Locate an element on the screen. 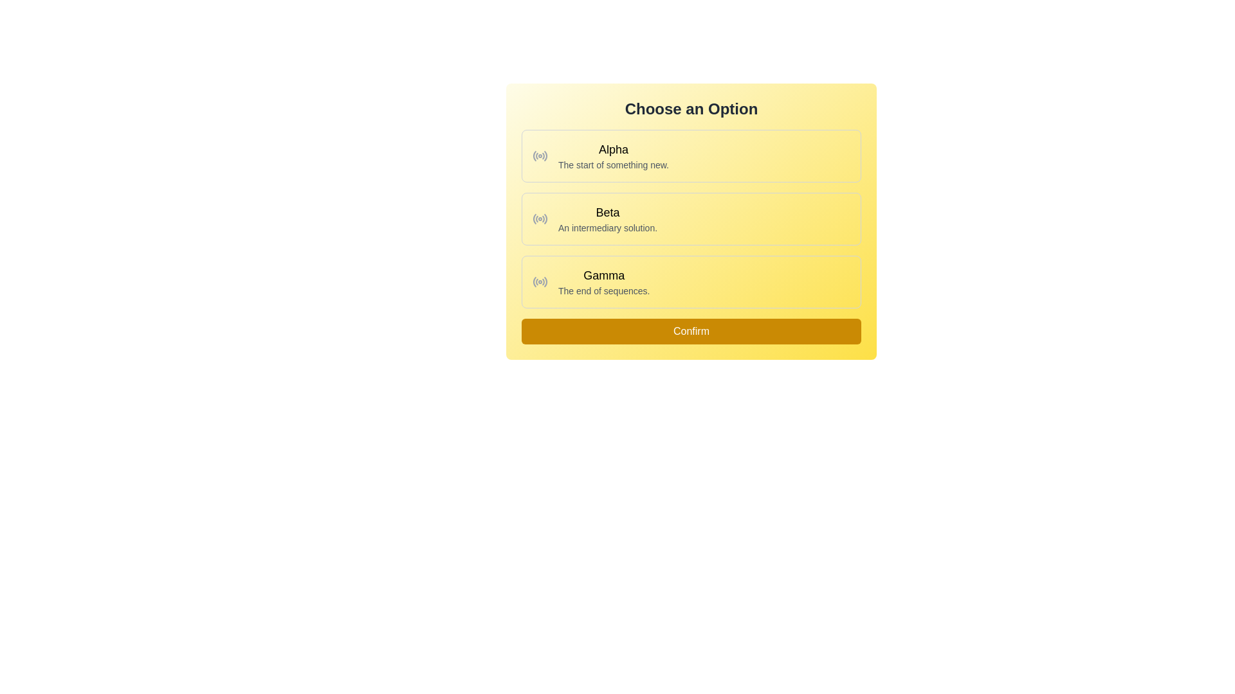 Image resolution: width=1235 pixels, height=694 pixels. text content of the text label displaying 'An intermediary solution.' located below the title 'Beta' in the Beta section is located at coordinates (607, 227).